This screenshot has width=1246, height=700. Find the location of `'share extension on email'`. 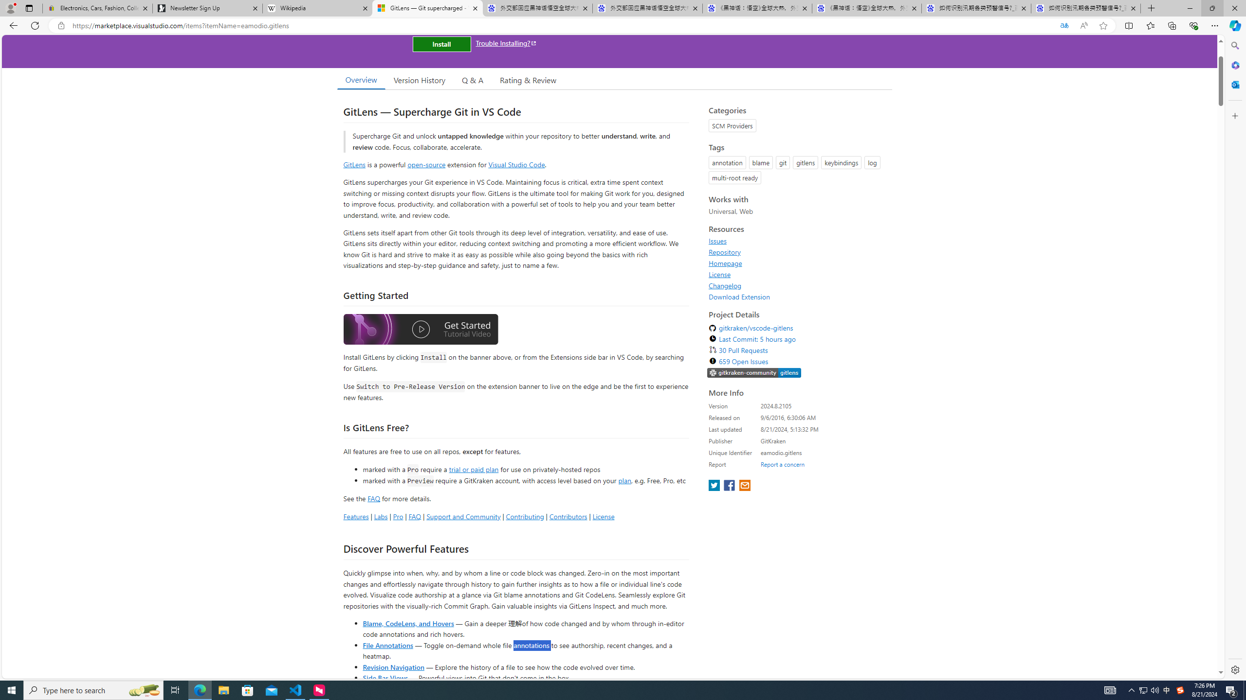

'share extension on email' is located at coordinates (744, 486).